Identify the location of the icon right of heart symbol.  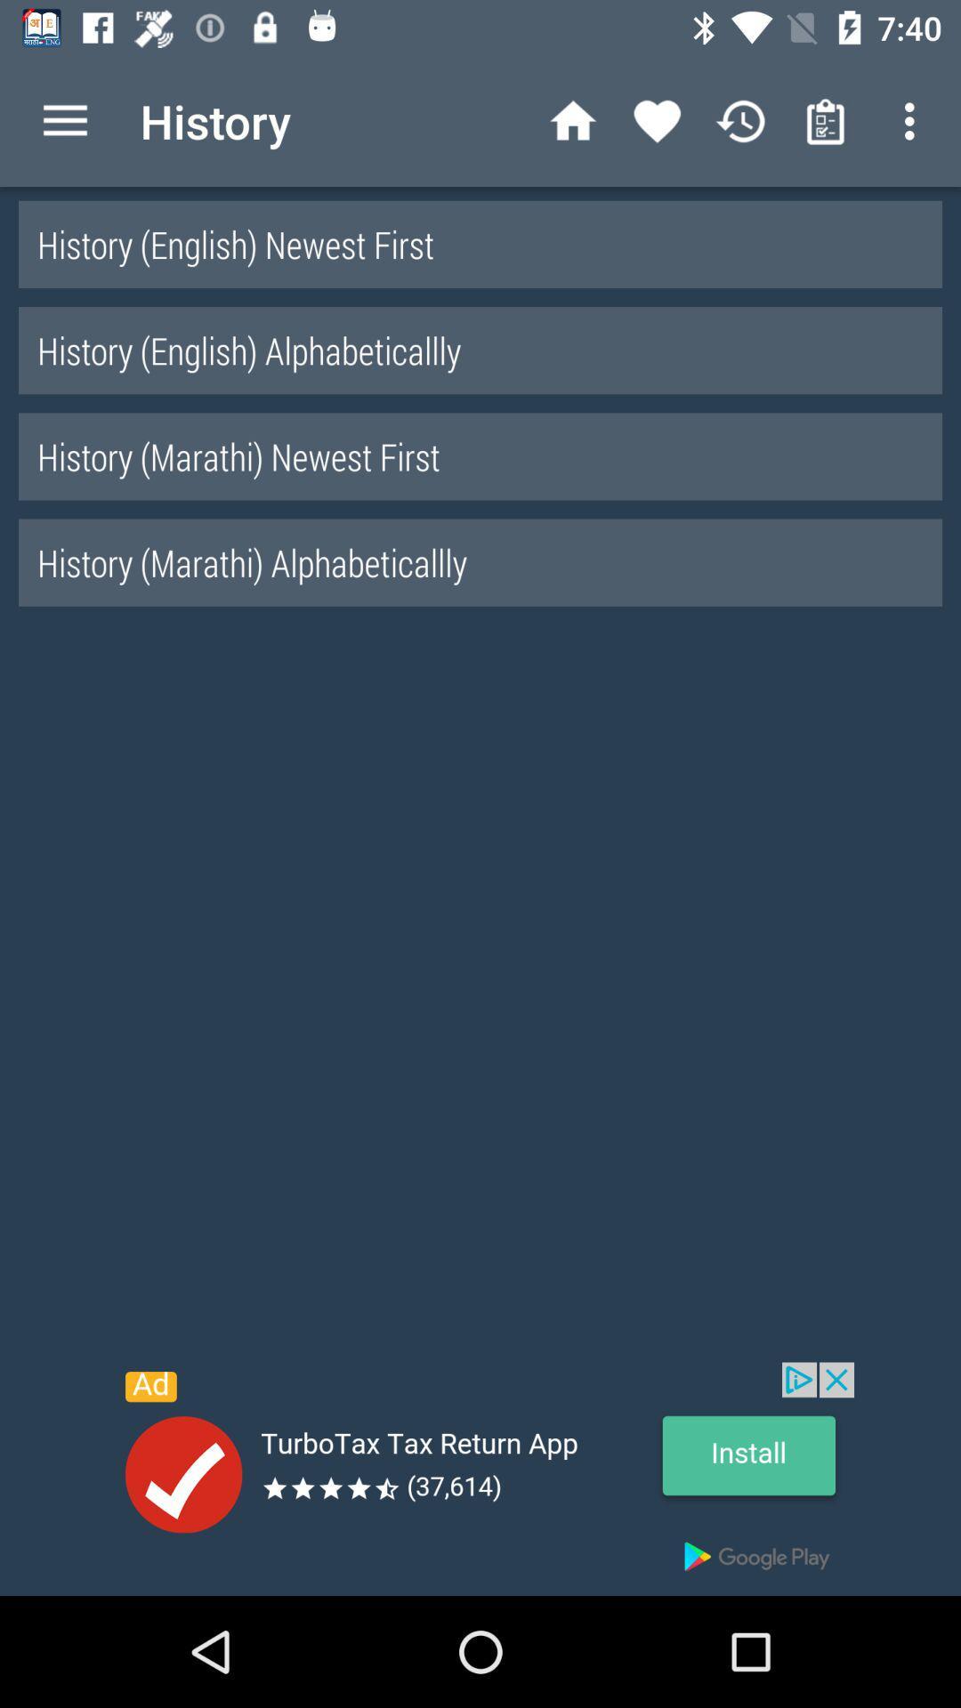
(741, 121).